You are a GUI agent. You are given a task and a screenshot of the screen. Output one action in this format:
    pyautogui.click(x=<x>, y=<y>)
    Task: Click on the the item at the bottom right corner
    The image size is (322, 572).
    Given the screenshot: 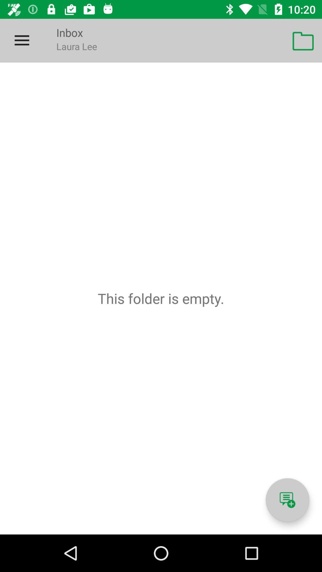 What is the action you would take?
    pyautogui.click(x=287, y=500)
    